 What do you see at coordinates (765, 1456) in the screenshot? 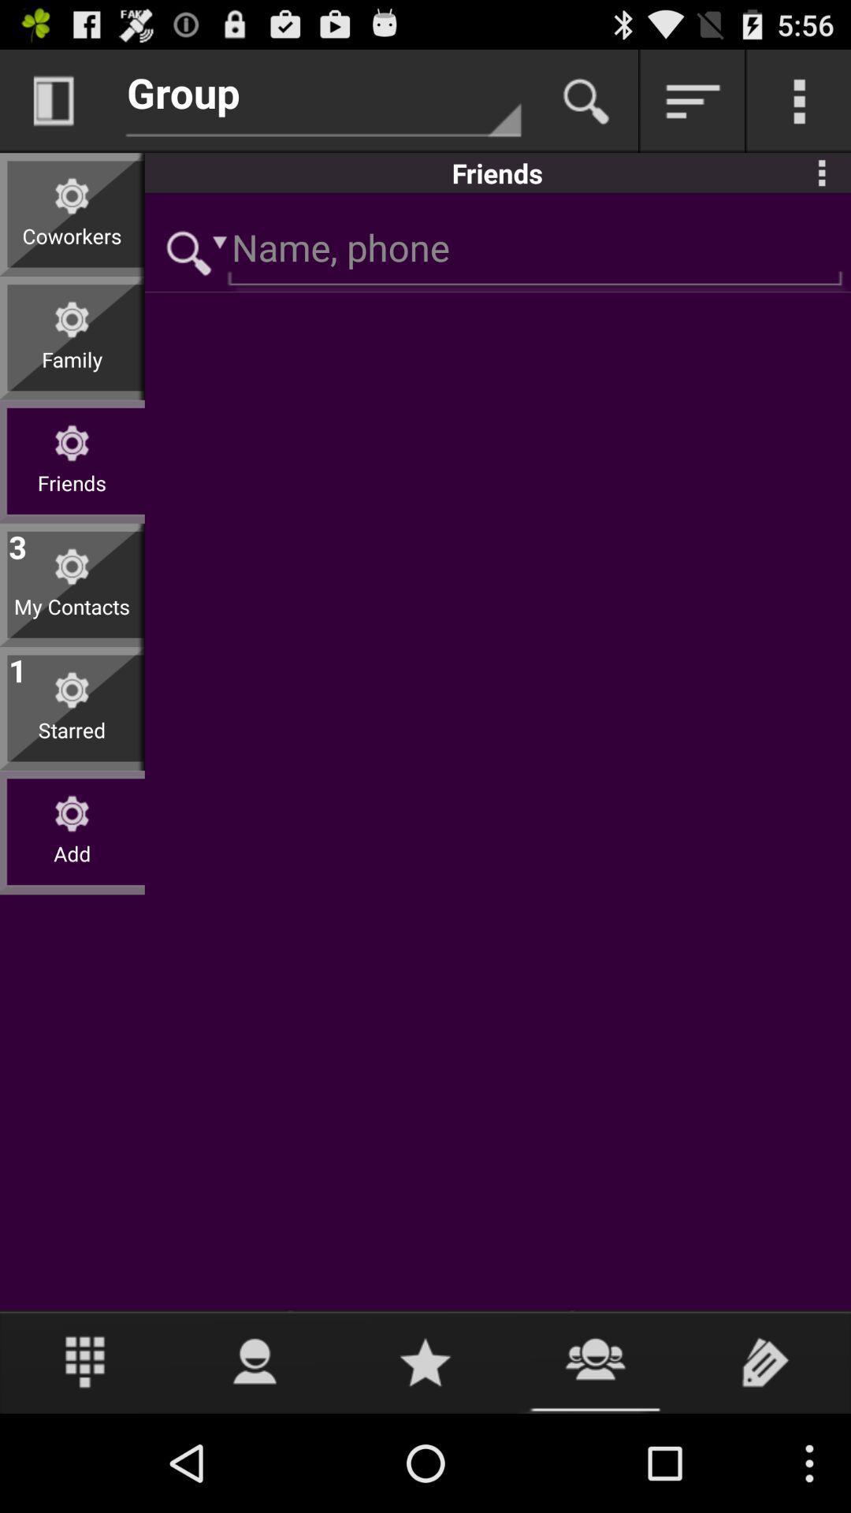
I see `the label icon` at bounding box center [765, 1456].